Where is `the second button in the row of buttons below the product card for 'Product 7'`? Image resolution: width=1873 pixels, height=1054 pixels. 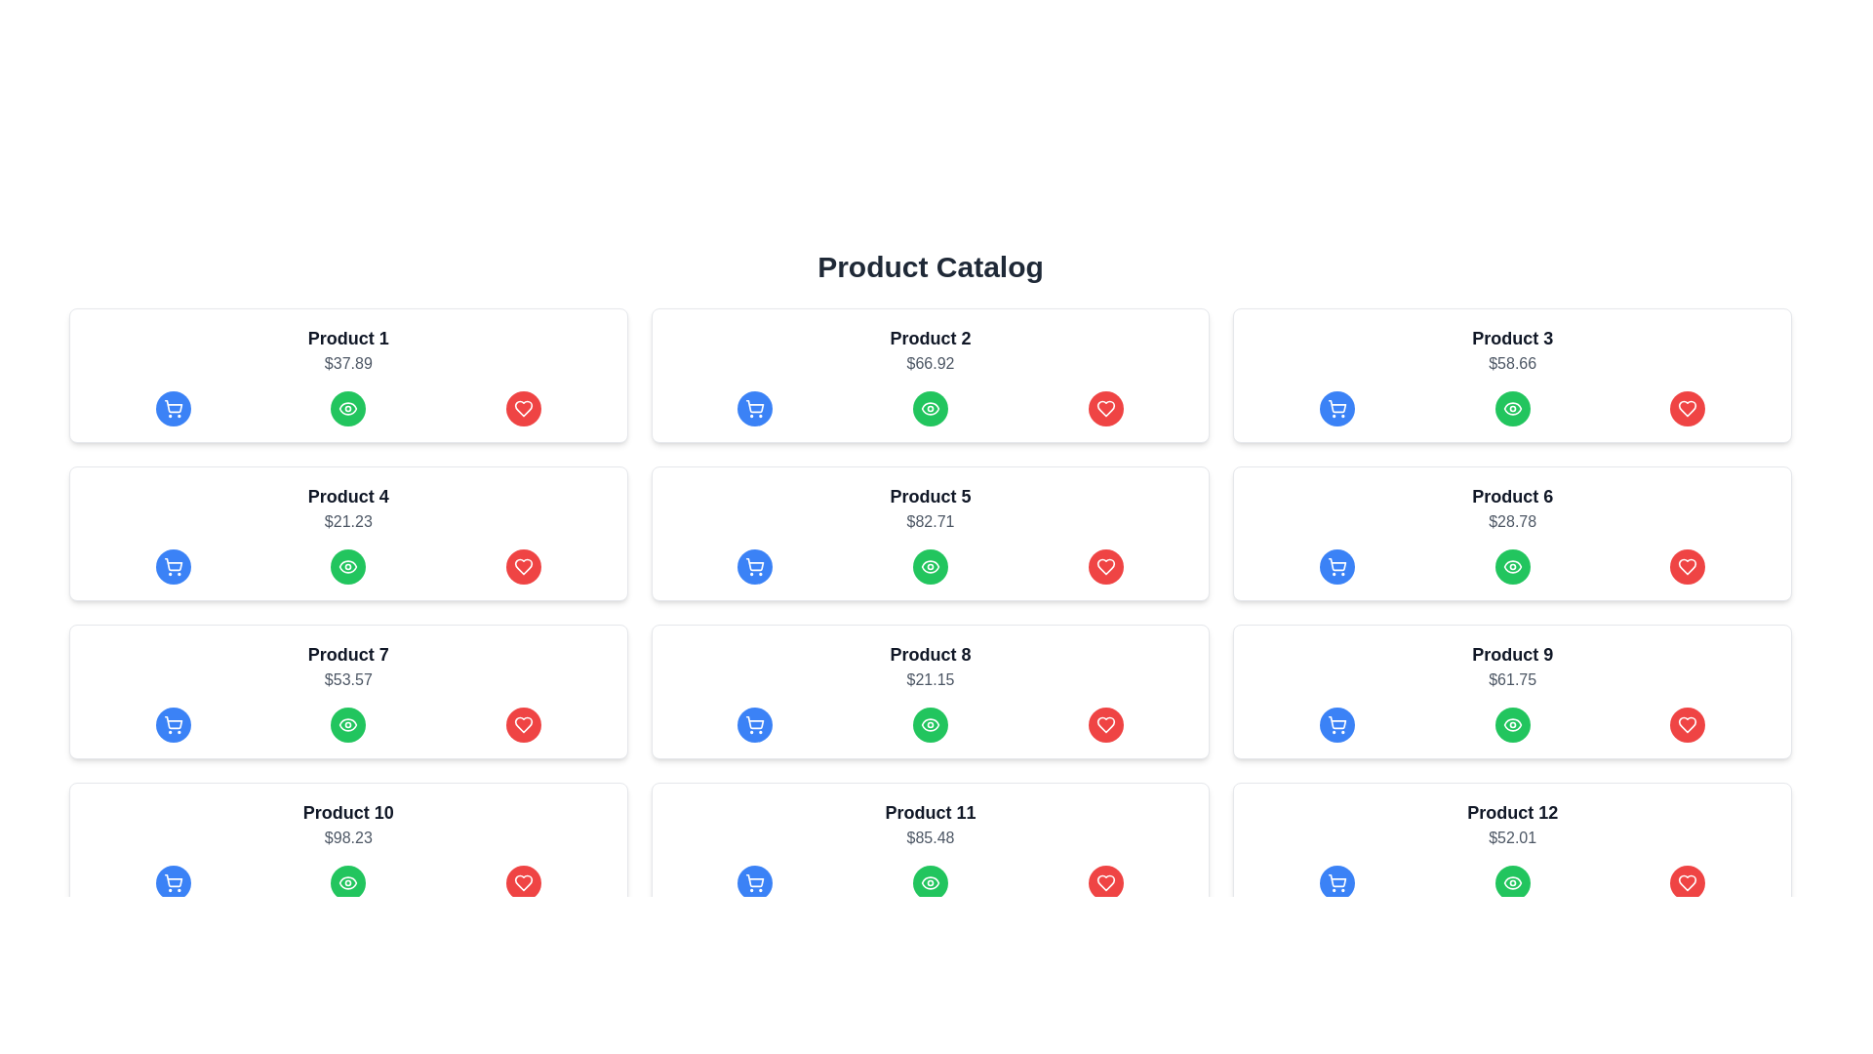
the second button in the row of buttons below the product card for 'Product 7' is located at coordinates (348, 725).